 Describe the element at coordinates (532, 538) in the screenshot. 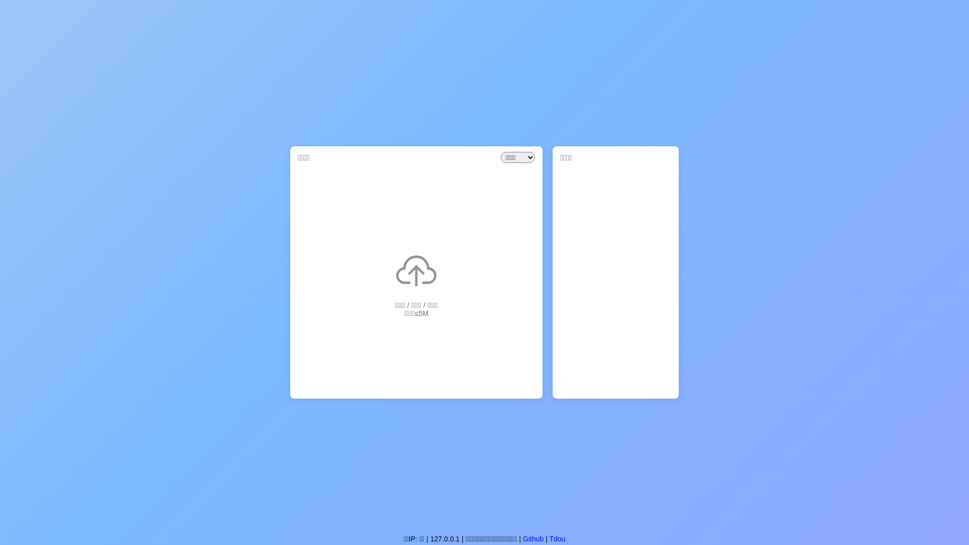

I see `'Github'` at that location.